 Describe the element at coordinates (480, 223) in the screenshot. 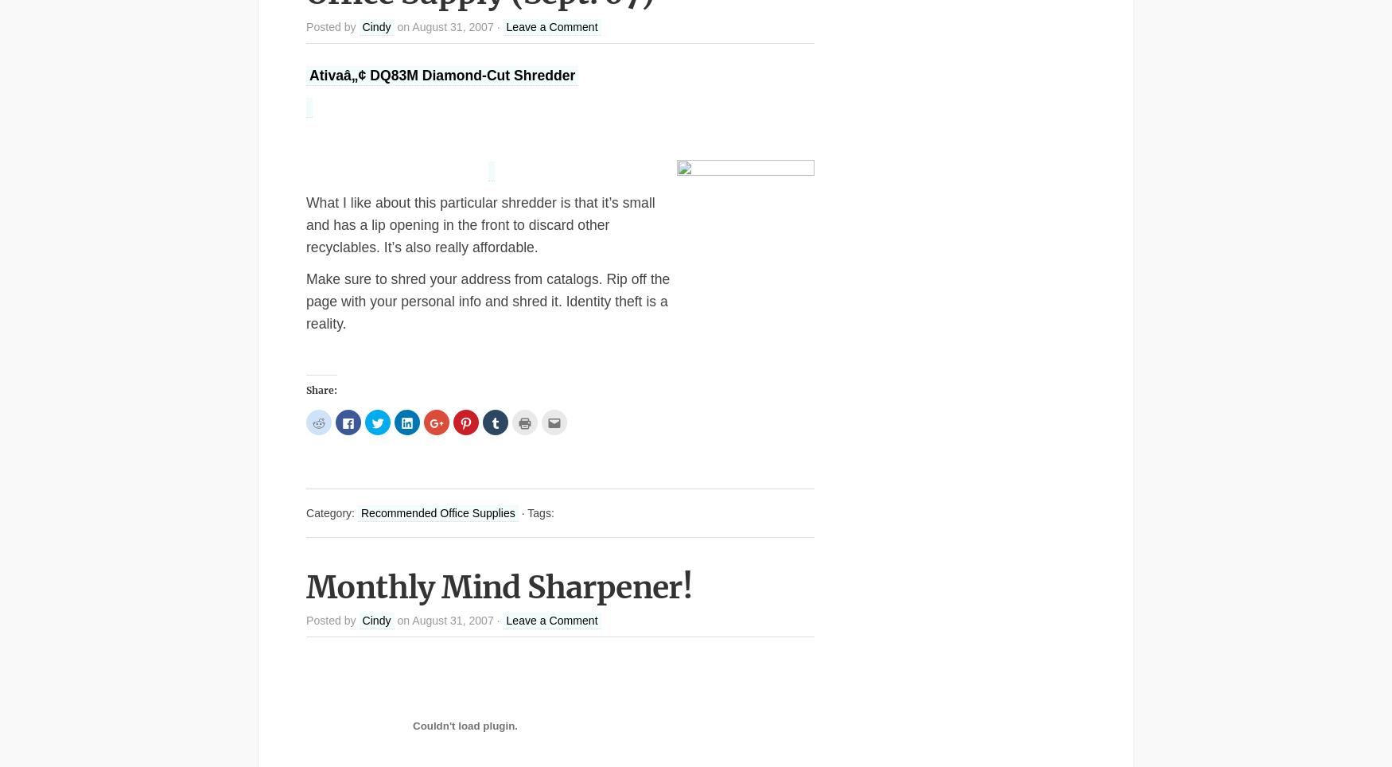

I see `'What I like about this particular shredder is that it’s small and has a lip opening in the front to discard other recyclables. It’s also really affordable.'` at that location.